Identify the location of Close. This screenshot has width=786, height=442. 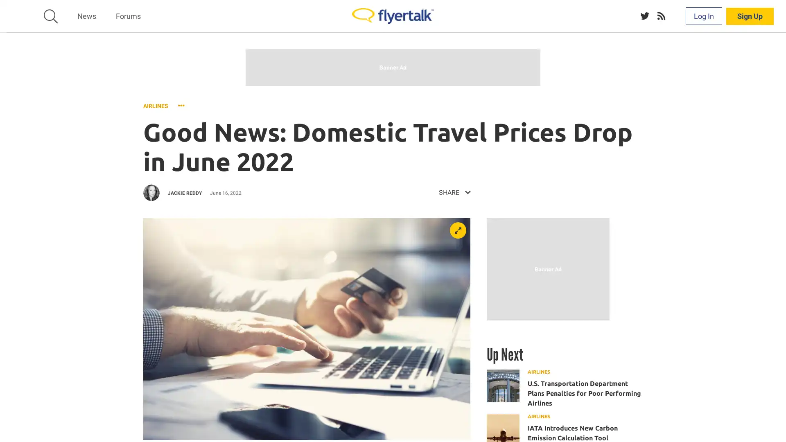
(776, 423).